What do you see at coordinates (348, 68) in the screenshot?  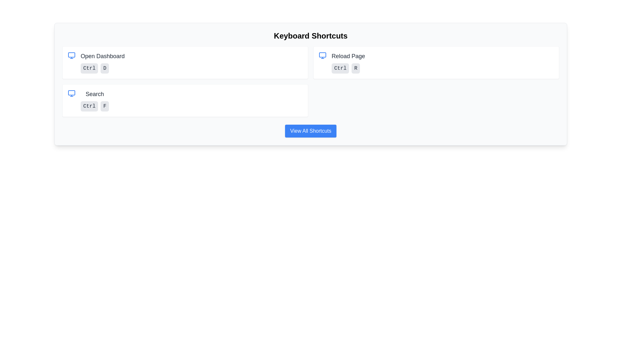 I see `the keyboard shortcut represented by the interactive button elements` at bounding box center [348, 68].